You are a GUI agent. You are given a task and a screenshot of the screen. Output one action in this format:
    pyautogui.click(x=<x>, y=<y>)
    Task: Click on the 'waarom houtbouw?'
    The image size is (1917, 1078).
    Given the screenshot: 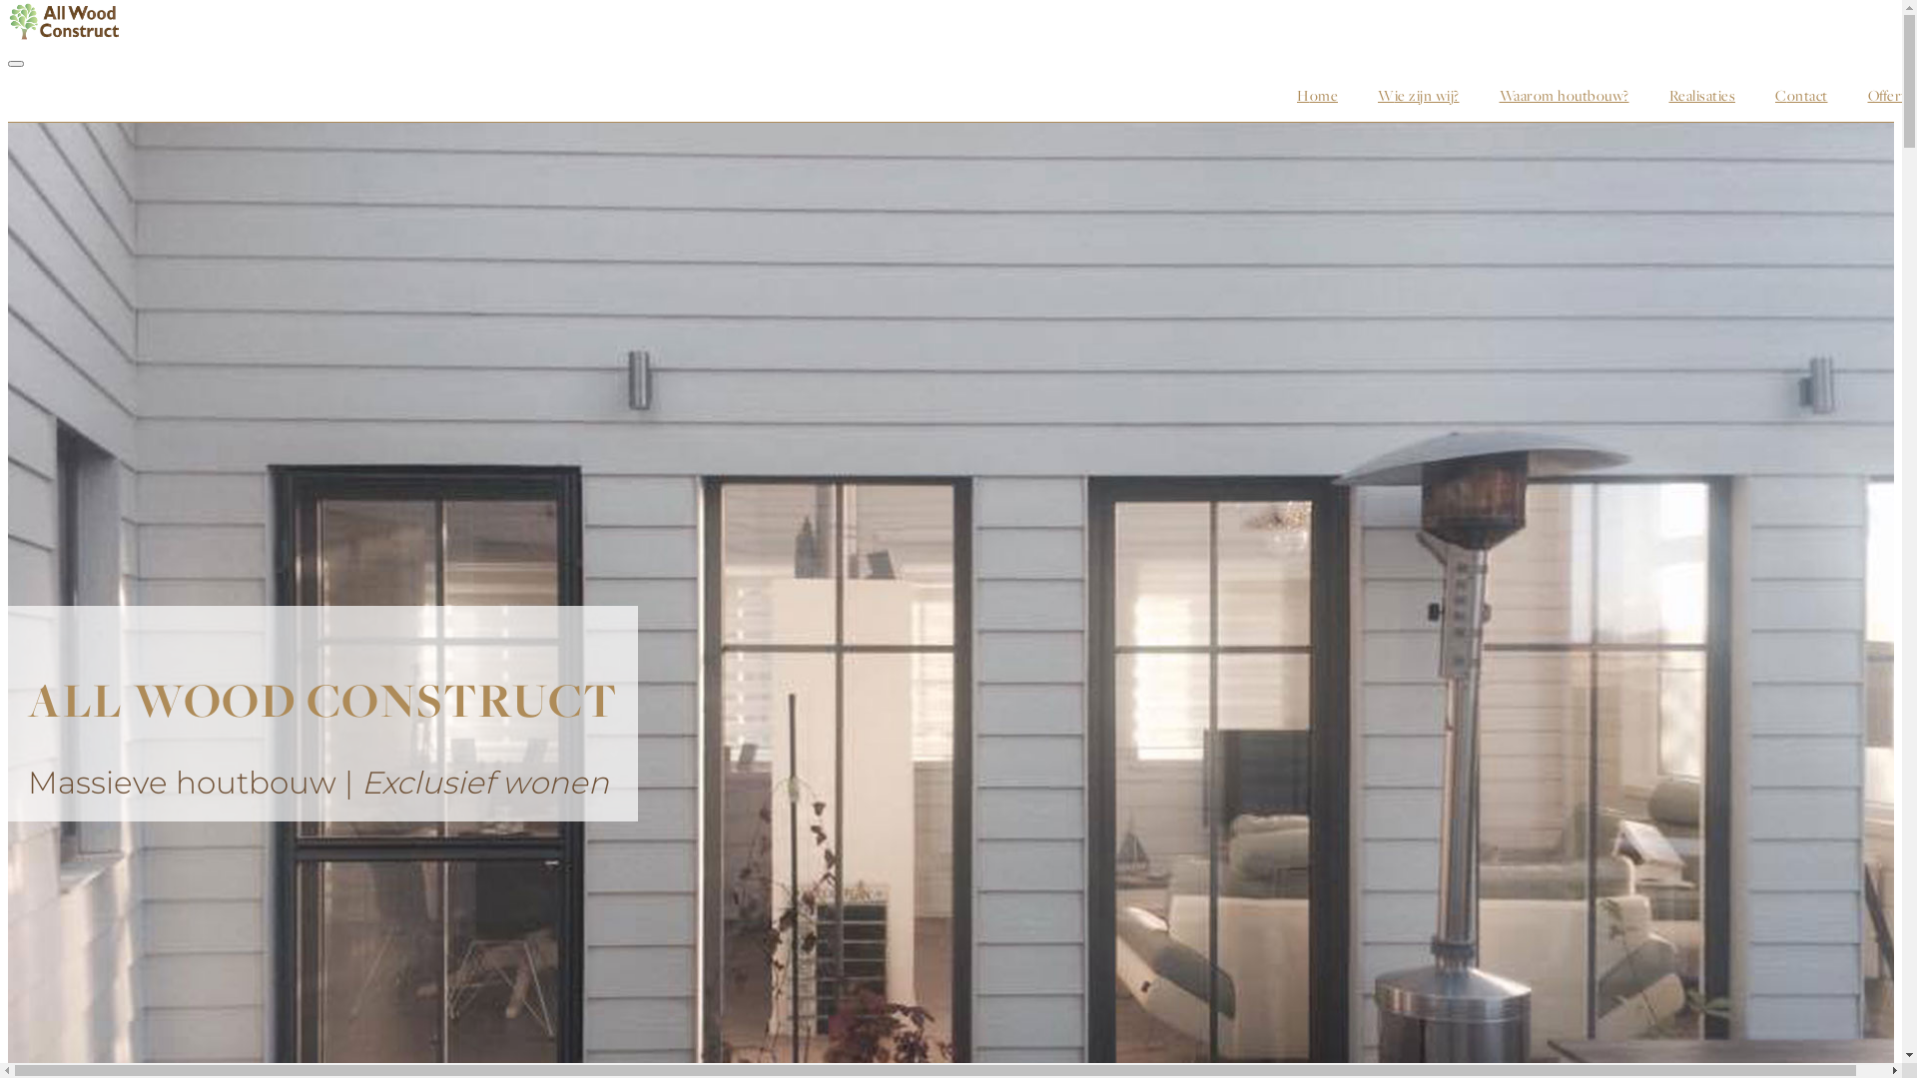 What is the action you would take?
    pyautogui.click(x=1563, y=95)
    